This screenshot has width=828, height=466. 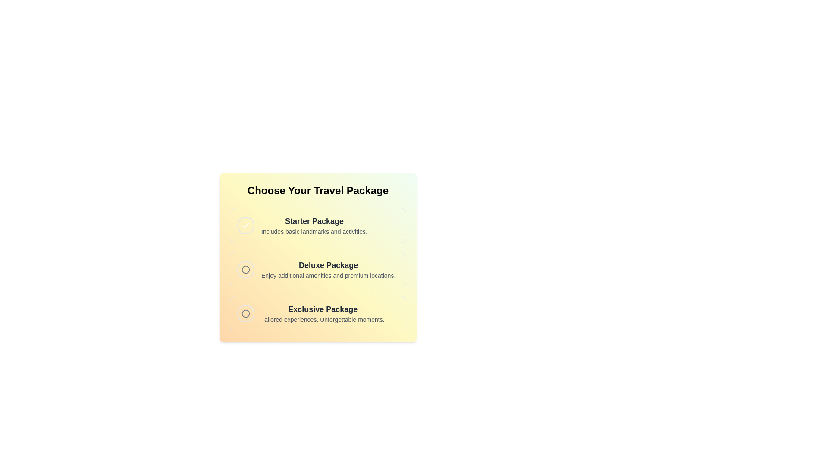 What do you see at coordinates (322, 313) in the screenshot?
I see `descriptive text content of the 'Exclusive Package' option, which is located within the third option card in a vertical list, below the 'Deluxe Package'` at bounding box center [322, 313].